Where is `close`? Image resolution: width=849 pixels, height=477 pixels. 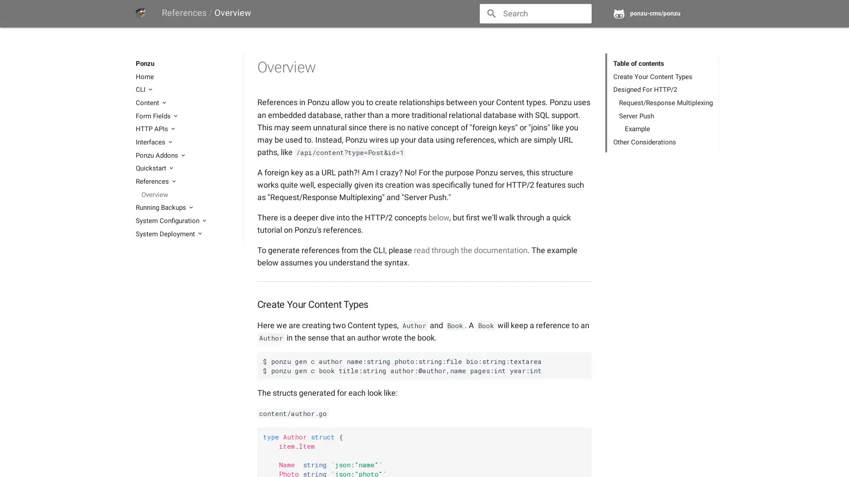
close is located at coordinates (580, 13).